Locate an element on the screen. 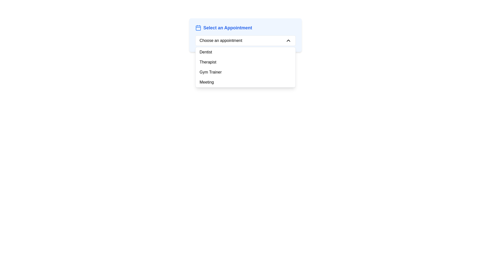 The height and width of the screenshot is (271, 482). the dropdown menu item labeled 'Meeting', which is the fourth option in the dropdown list is located at coordinates (246, 82).